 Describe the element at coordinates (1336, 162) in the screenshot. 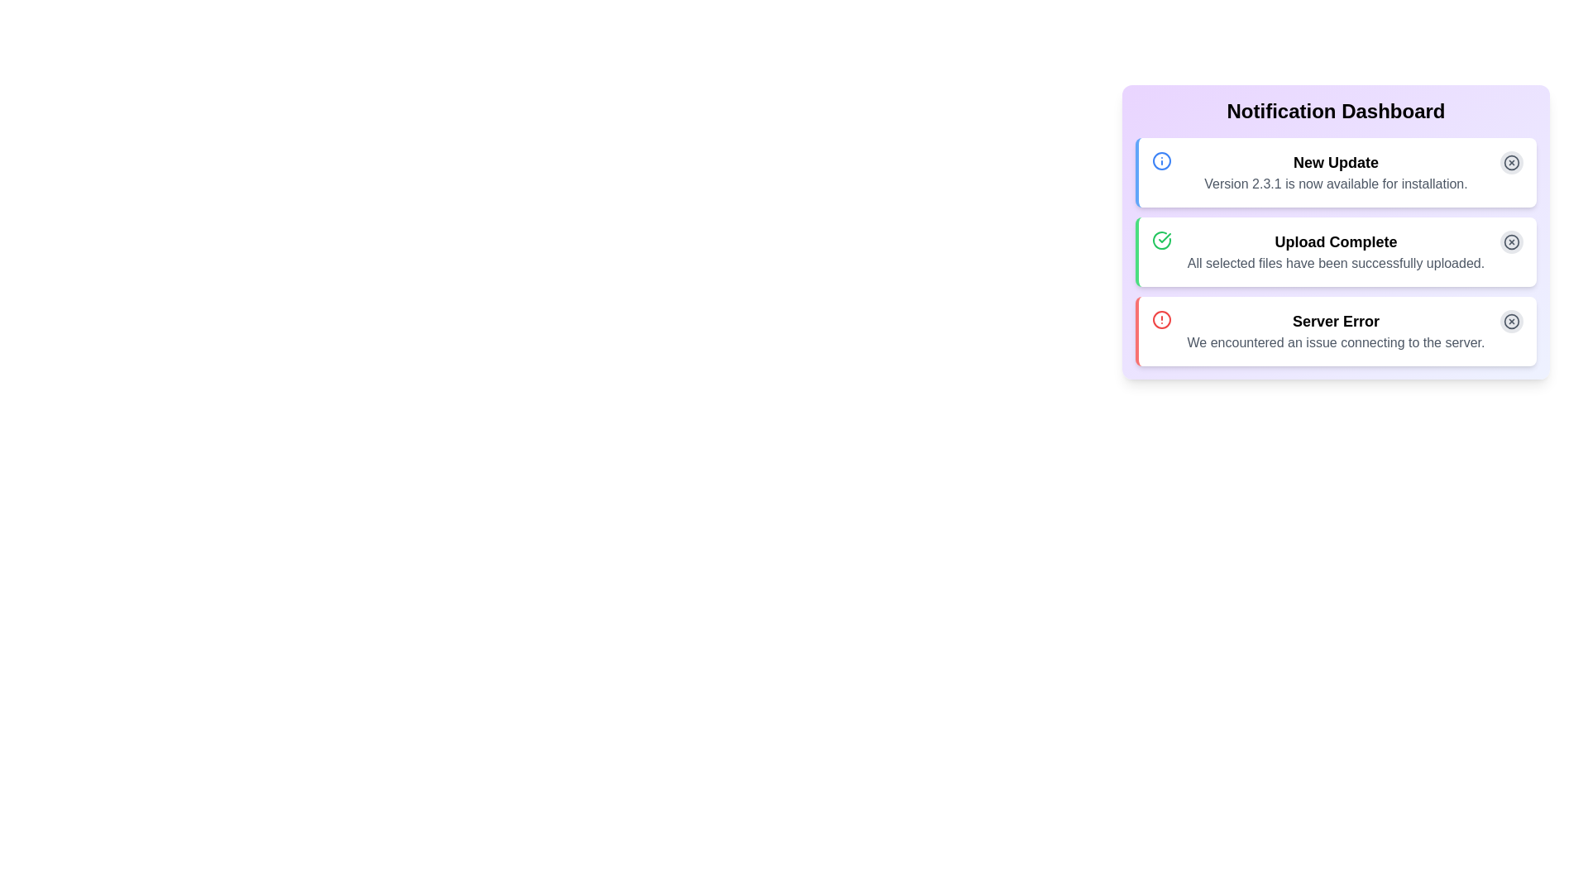

I see `on the 'New Update' text label displayed prominently at the top of the notification dashboard` at that location.